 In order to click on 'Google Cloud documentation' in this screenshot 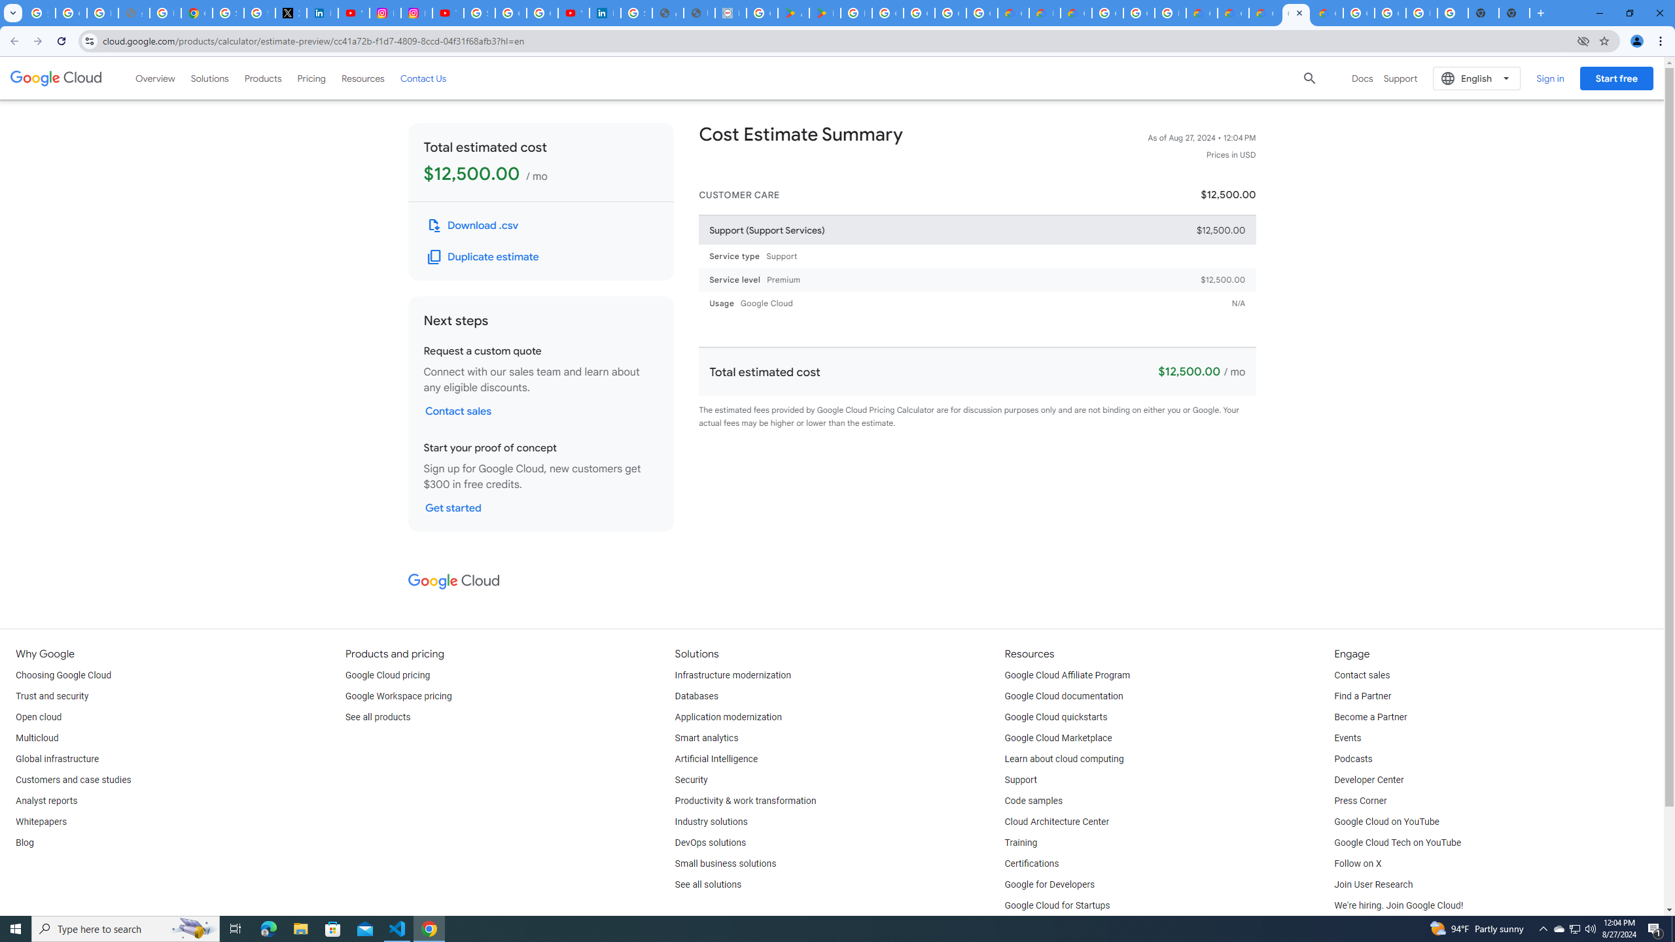, I will do `click(1064, 696)`.